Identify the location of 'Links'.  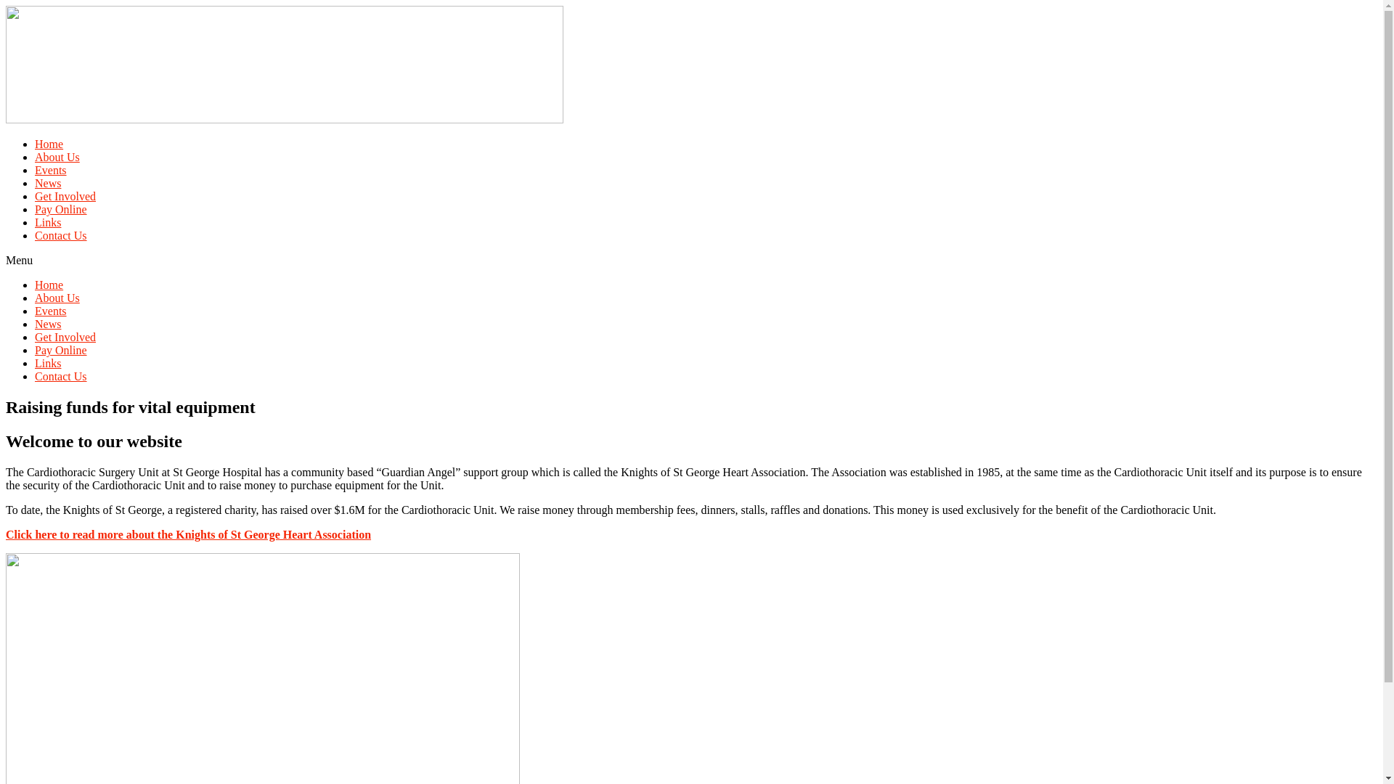
(48, 362).